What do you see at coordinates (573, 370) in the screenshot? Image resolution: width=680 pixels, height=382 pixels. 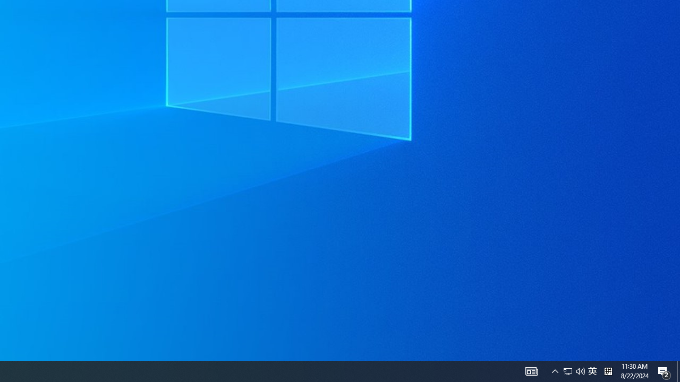 I see `'Q2790: 100%'` at bounding box center [573, 370].